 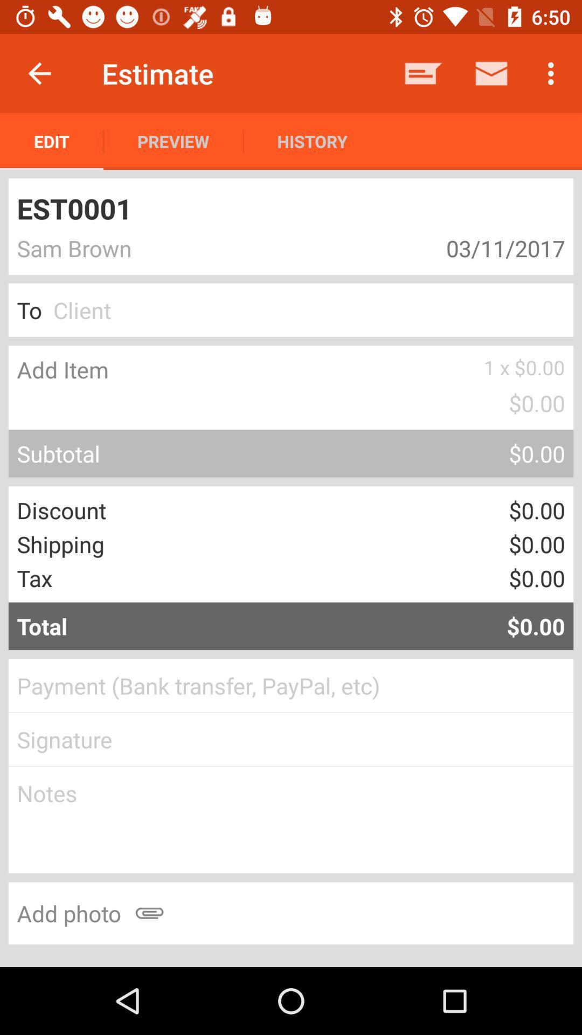 What do you see at coordinates (39, 73) in the screenshot?
I see `icon to the left of estimate icon` at bounding box center [39, 73].